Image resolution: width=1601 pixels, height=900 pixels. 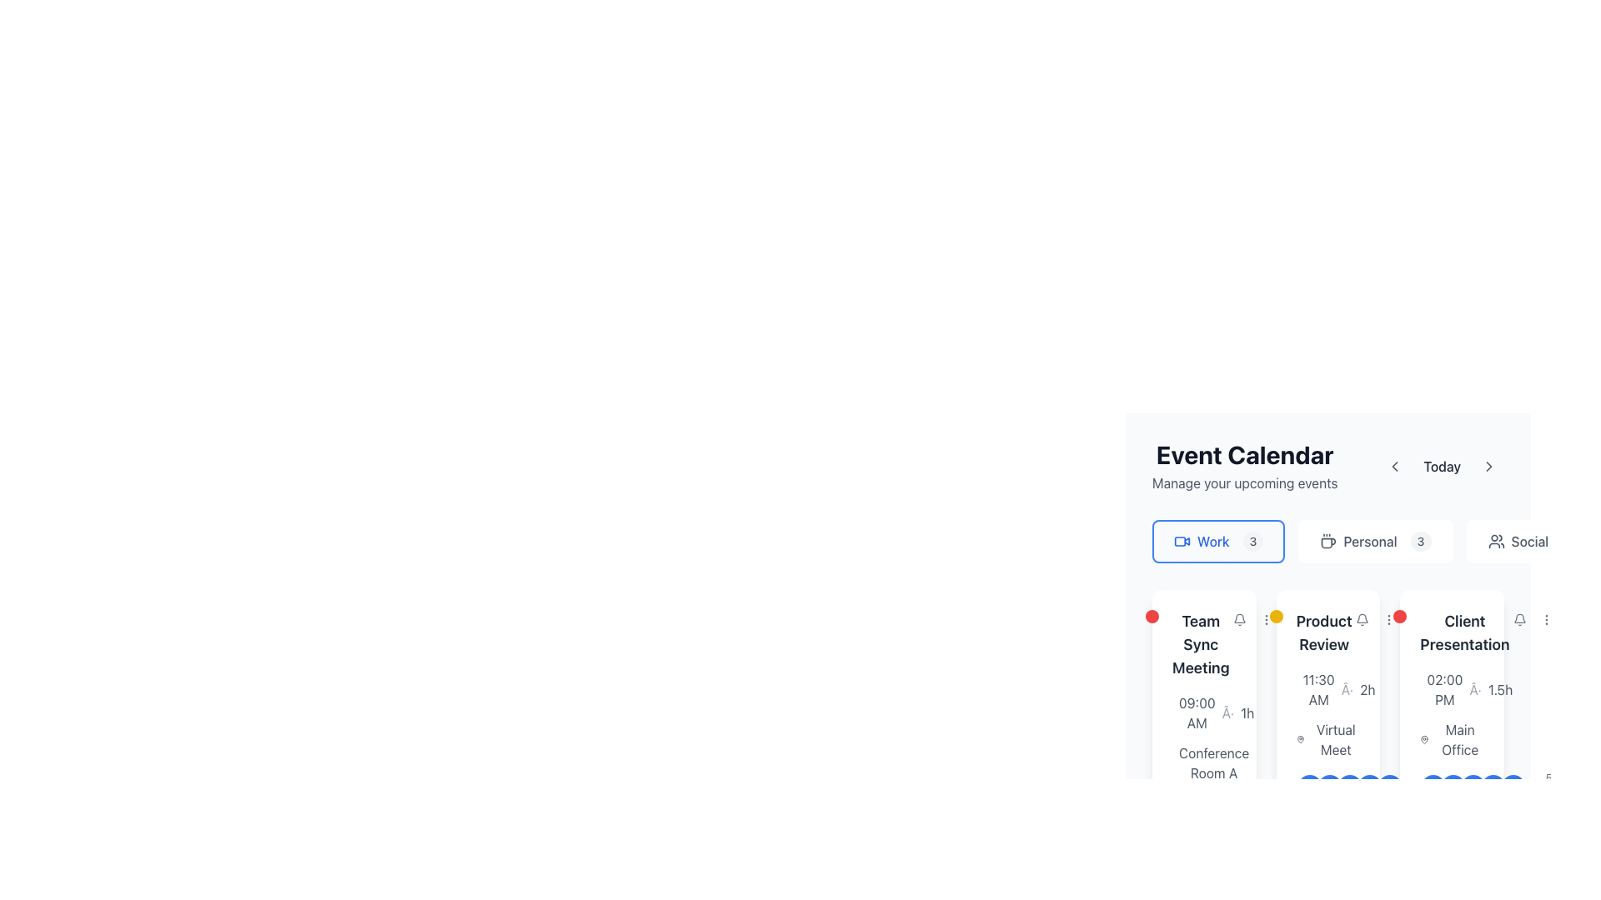 I want to click on the Avatar-like circular button, which is the third item in a row of circular buttons on the 'Product Review' event card, located between buttons 'B' and 'D', so click(x=1349, y=787).